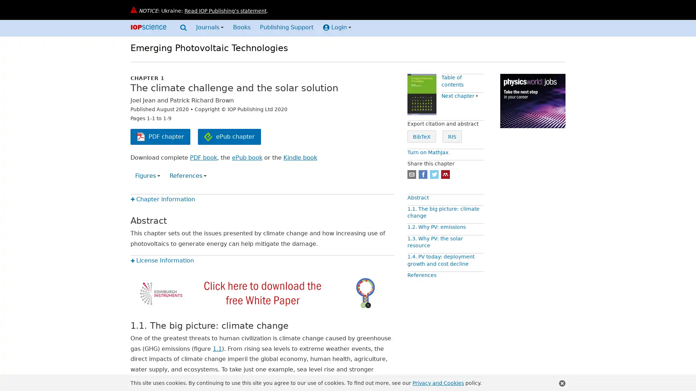 This screenshot has height=391, width=696. What do you see at coordinates (162, 260) in the screenshot?
I see `License Information` at bounding box center [162, 260].